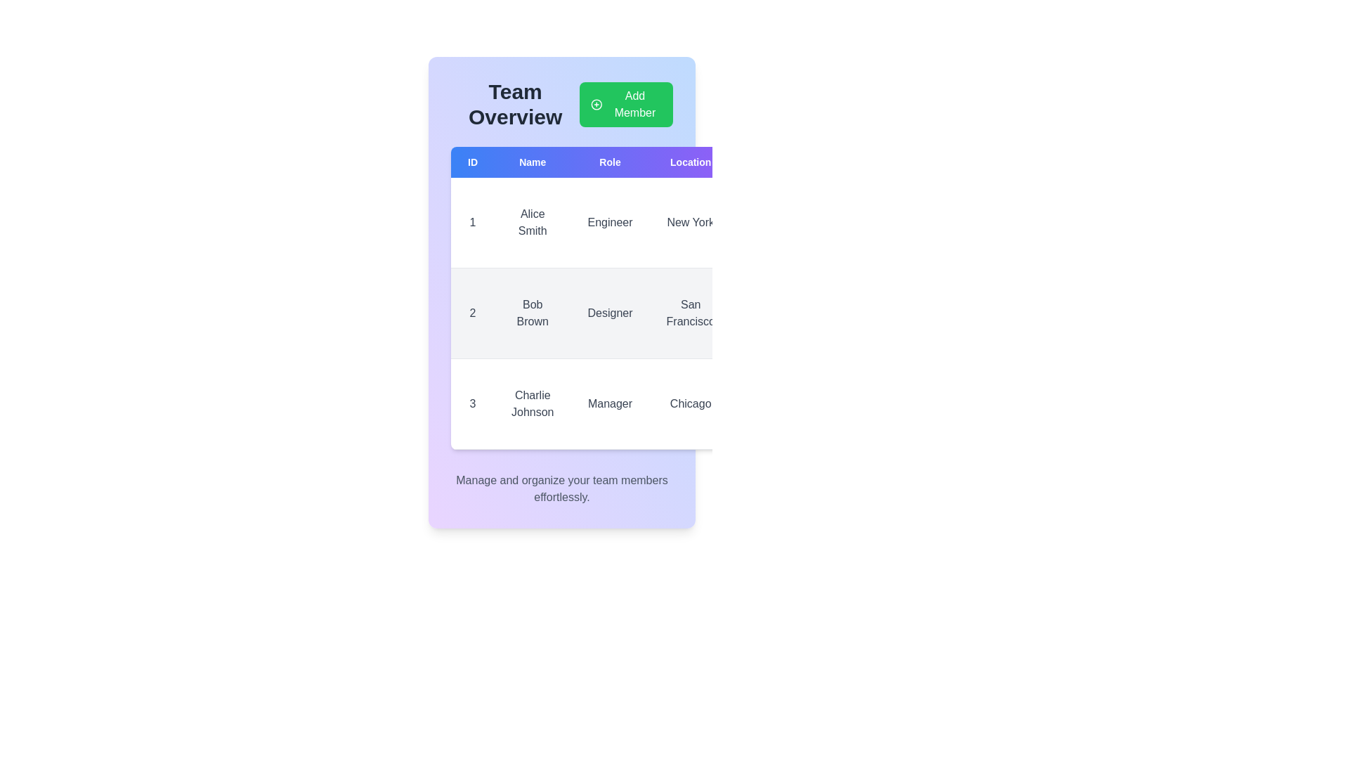  Describe the element at coordinates (625, 403) in the screenshot. I see `the table row displaying information about team member 'Charlie Johnson', who is a Manager located in Chicago` at that location.